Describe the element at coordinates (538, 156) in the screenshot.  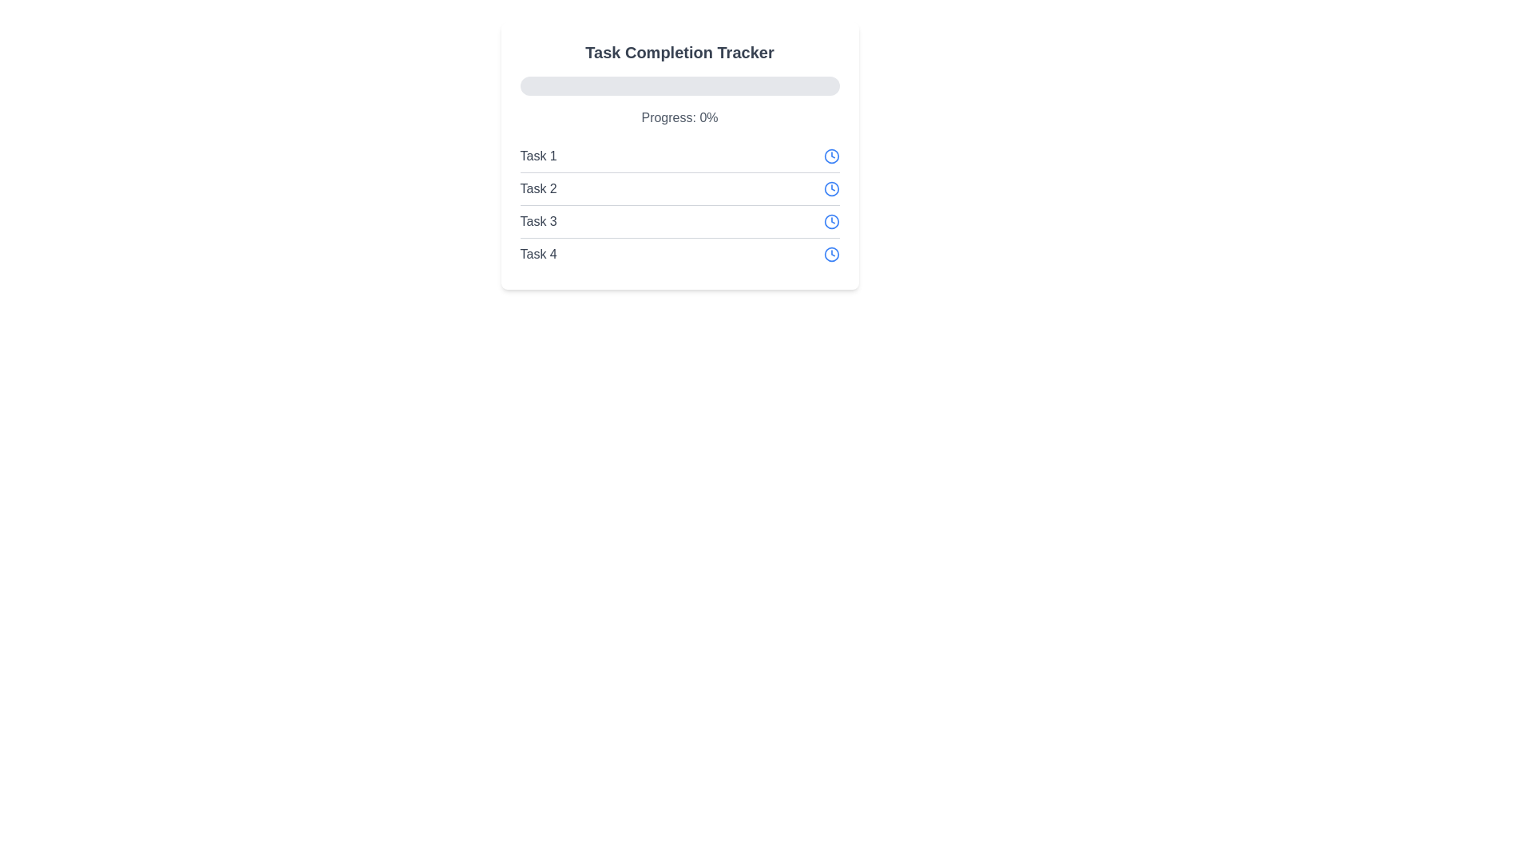
I see `text from the first item in the task list labeled 'Task 1', which is displayed in medium gray color under the 'Task Completion Tracker'` at that location.